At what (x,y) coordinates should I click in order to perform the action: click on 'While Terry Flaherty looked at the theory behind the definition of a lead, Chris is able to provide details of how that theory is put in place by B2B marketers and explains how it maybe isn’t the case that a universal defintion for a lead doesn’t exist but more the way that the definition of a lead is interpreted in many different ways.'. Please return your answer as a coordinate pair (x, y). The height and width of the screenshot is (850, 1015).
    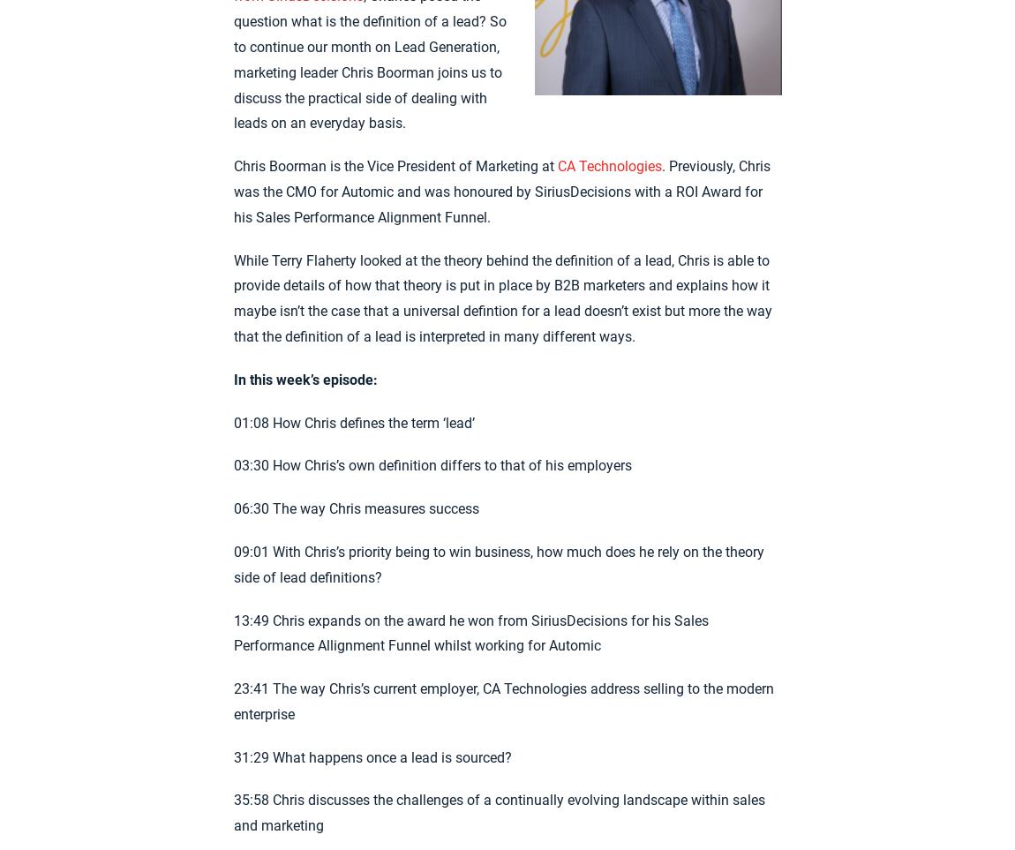
    Looking at the image, I should click on (502, 297).